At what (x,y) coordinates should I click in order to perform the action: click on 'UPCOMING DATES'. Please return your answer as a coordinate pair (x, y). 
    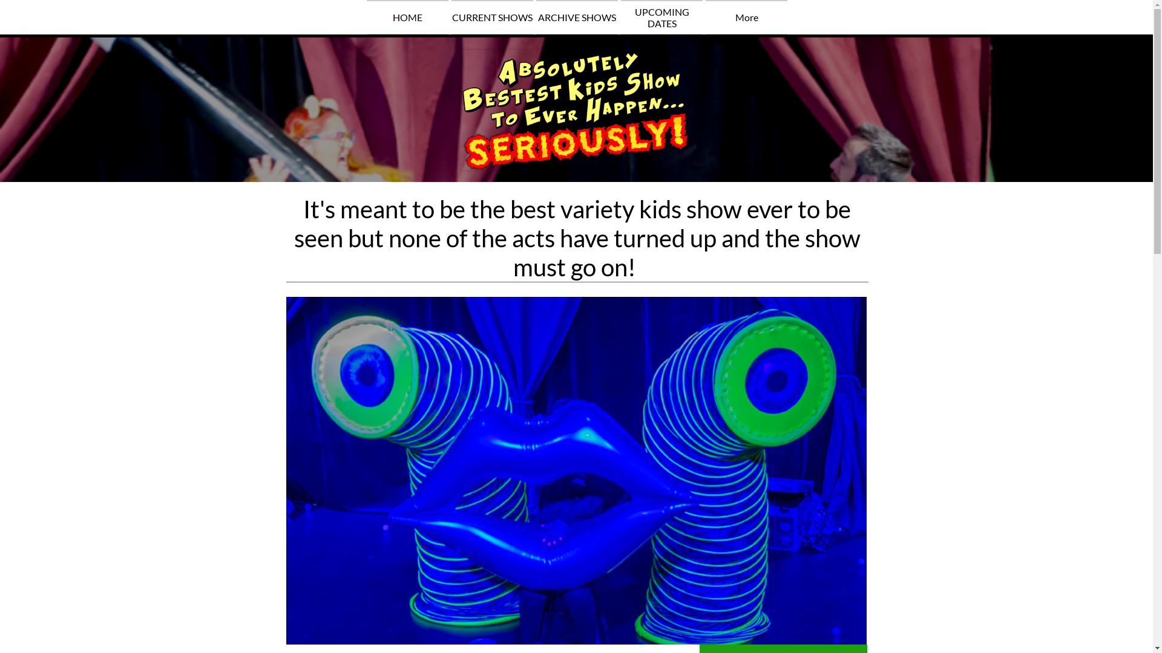
    Looking at the image, I should click on (661, 17).